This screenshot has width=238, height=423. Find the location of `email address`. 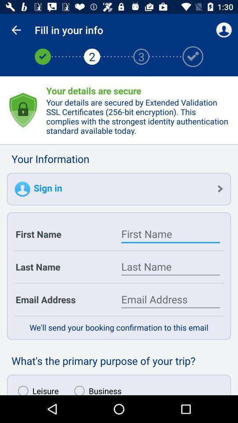

email address is located at coordinates (171, 299).